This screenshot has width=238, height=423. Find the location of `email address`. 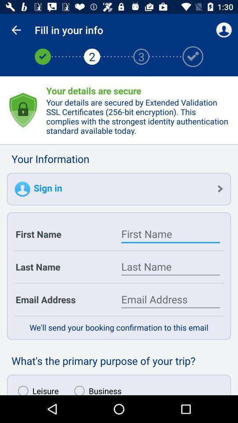

email address is located at coordinates (171, 299).